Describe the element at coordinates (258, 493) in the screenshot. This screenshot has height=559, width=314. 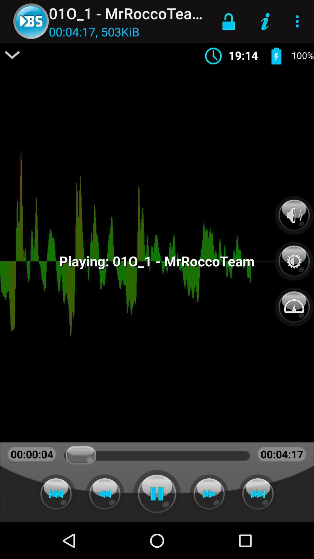
I see `forward the music` at that location.